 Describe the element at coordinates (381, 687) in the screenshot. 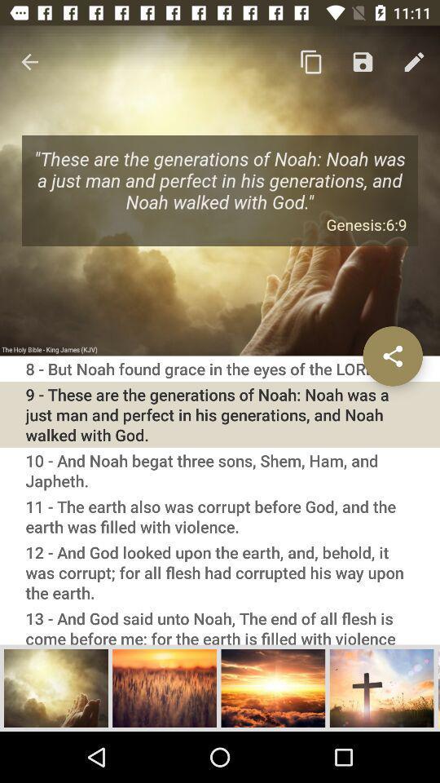

I see `picture far right` at that location.